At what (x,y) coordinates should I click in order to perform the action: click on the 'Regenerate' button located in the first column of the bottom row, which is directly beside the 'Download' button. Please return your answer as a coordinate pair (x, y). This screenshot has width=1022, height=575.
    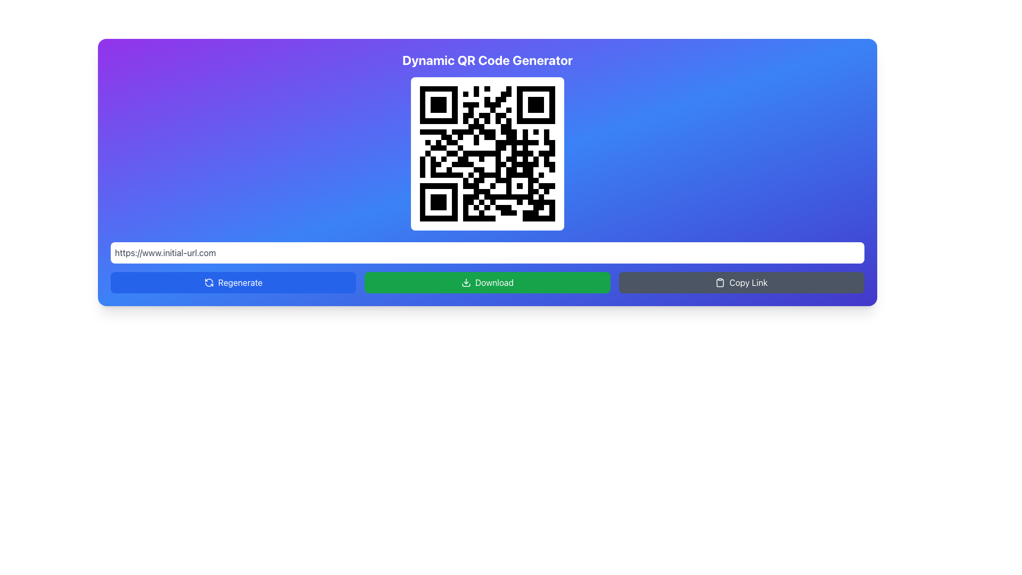
    Looking at the image, I should click on (233, 282).